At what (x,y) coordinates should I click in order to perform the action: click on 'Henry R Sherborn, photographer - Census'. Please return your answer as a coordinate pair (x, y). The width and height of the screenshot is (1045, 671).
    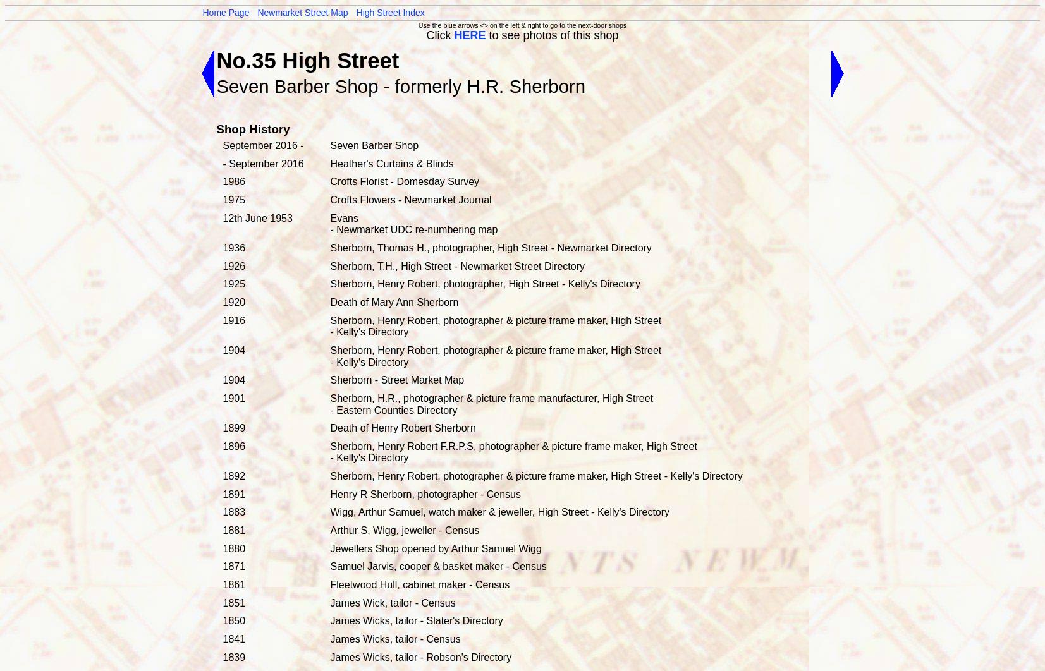
    Looking at the image, I should click on (424, 493).